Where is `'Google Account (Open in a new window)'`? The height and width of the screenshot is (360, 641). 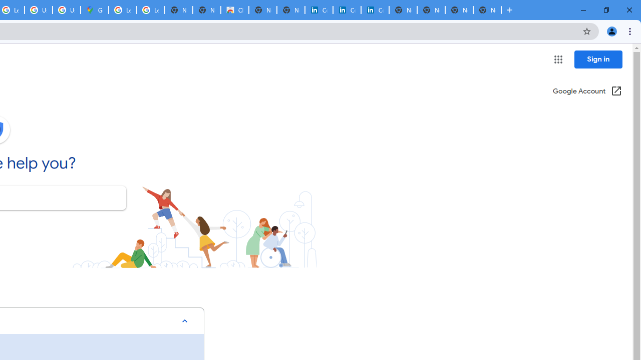 'Google Account (Open in a new window)' is located at coordinates (587, 91).